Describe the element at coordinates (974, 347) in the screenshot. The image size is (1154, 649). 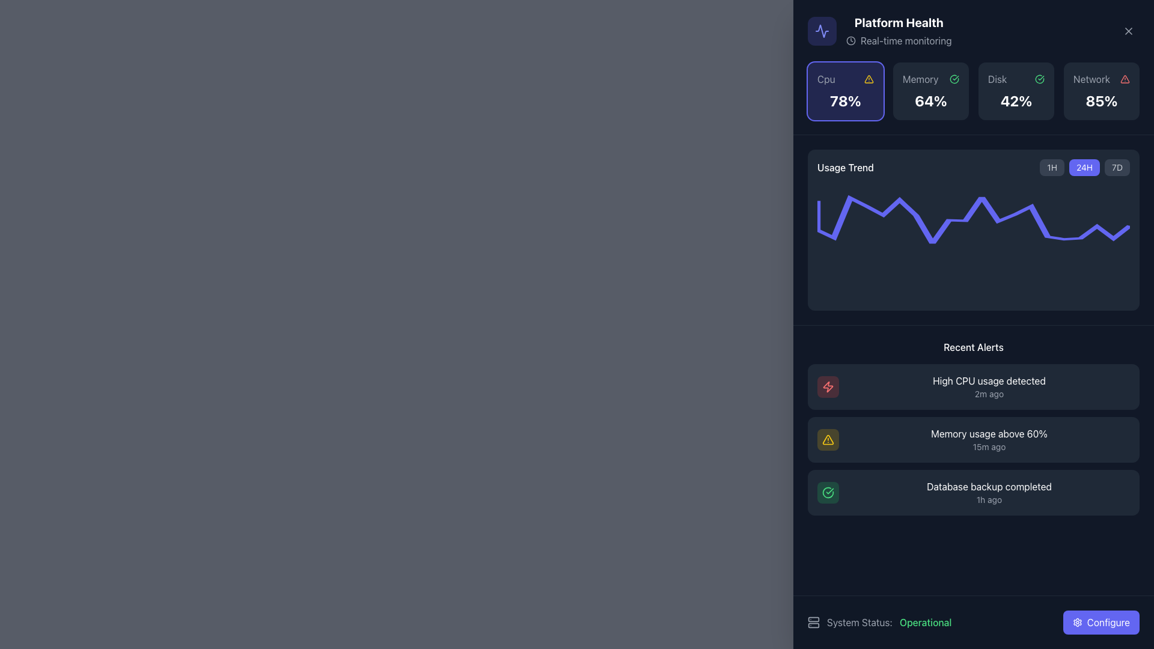
I see `the static text heading displaying 'Recent Alerts', which is styled in white font on a dark blue background, positioned above the alert cards in the lower-right section of the interface` at that location.